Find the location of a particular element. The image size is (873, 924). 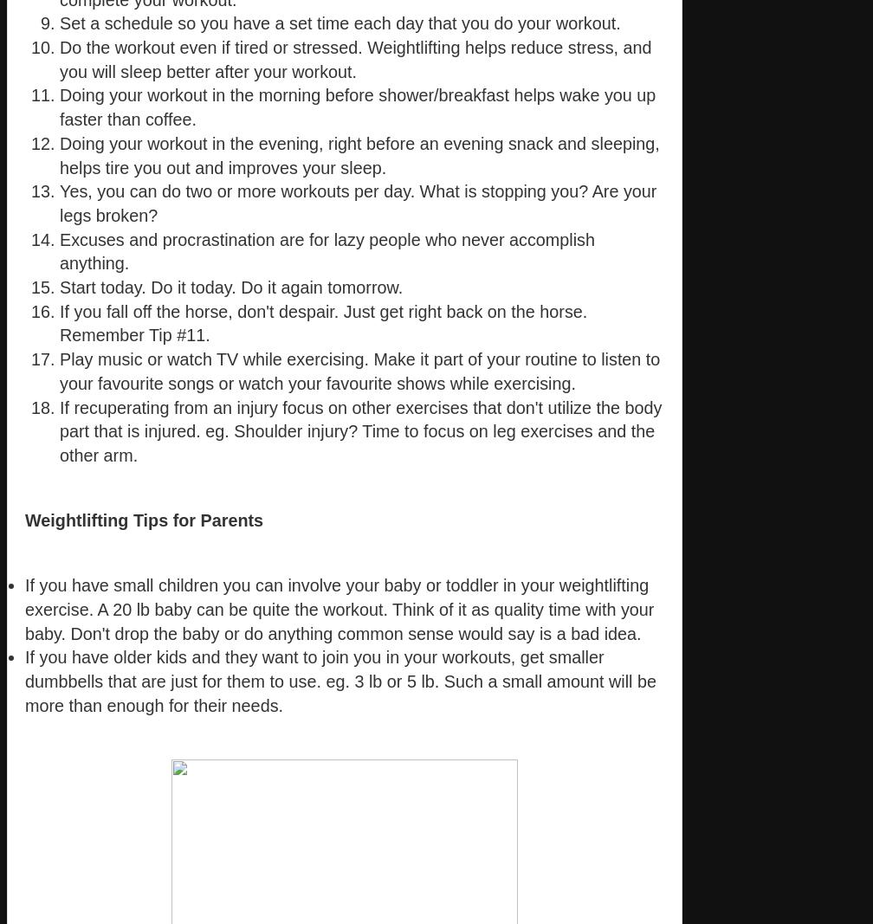

'If you have small children you can involve your baby or toddler in your weightlifting exercise. A 20 lb baby can be quite the workout. Think of it as quality time with your baby. Don't drop the baby or do anything common sense would say is a bad idea.' is located at coordinates (339, 609).